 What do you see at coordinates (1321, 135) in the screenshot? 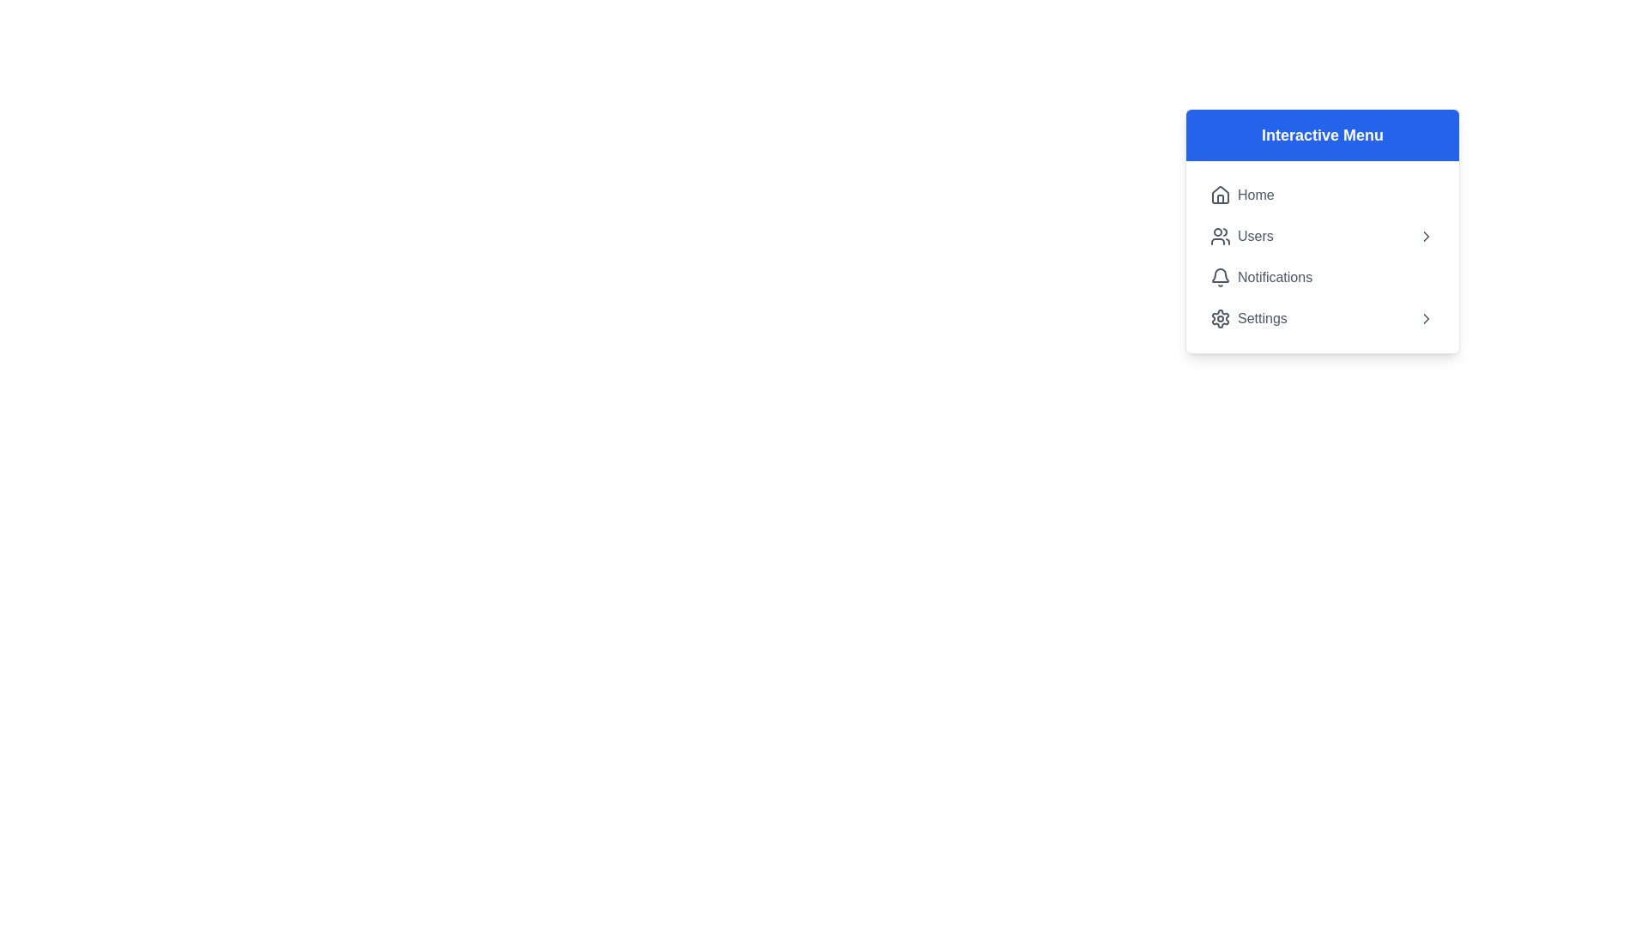
I see `the 'Interactive Menu' text label, which is displayed in bold white font against a blue background and serves as a header for the menu` at bounding box center [1321, 135].